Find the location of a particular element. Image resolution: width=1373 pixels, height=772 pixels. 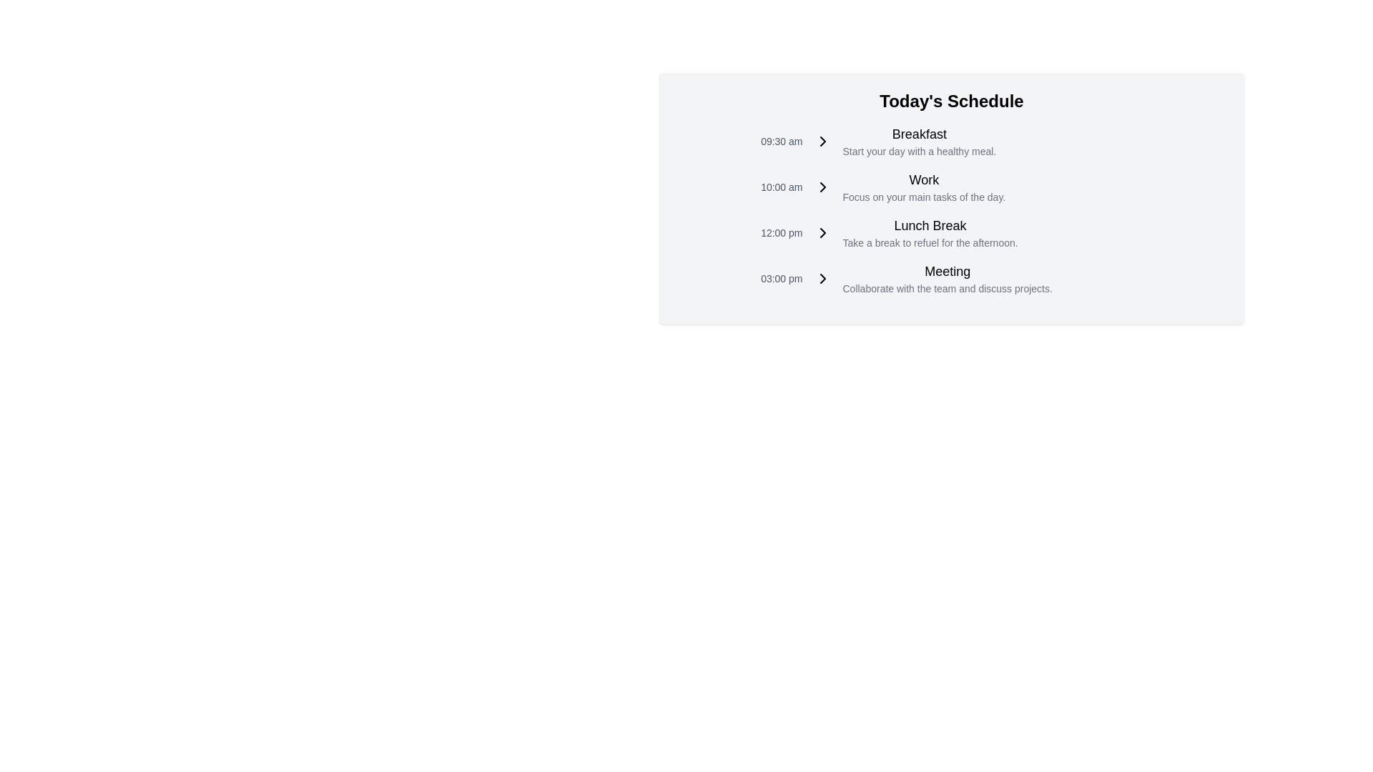

the text block that describes the 'Lunch Break' activity to read it is located at coordinates (925, 232).